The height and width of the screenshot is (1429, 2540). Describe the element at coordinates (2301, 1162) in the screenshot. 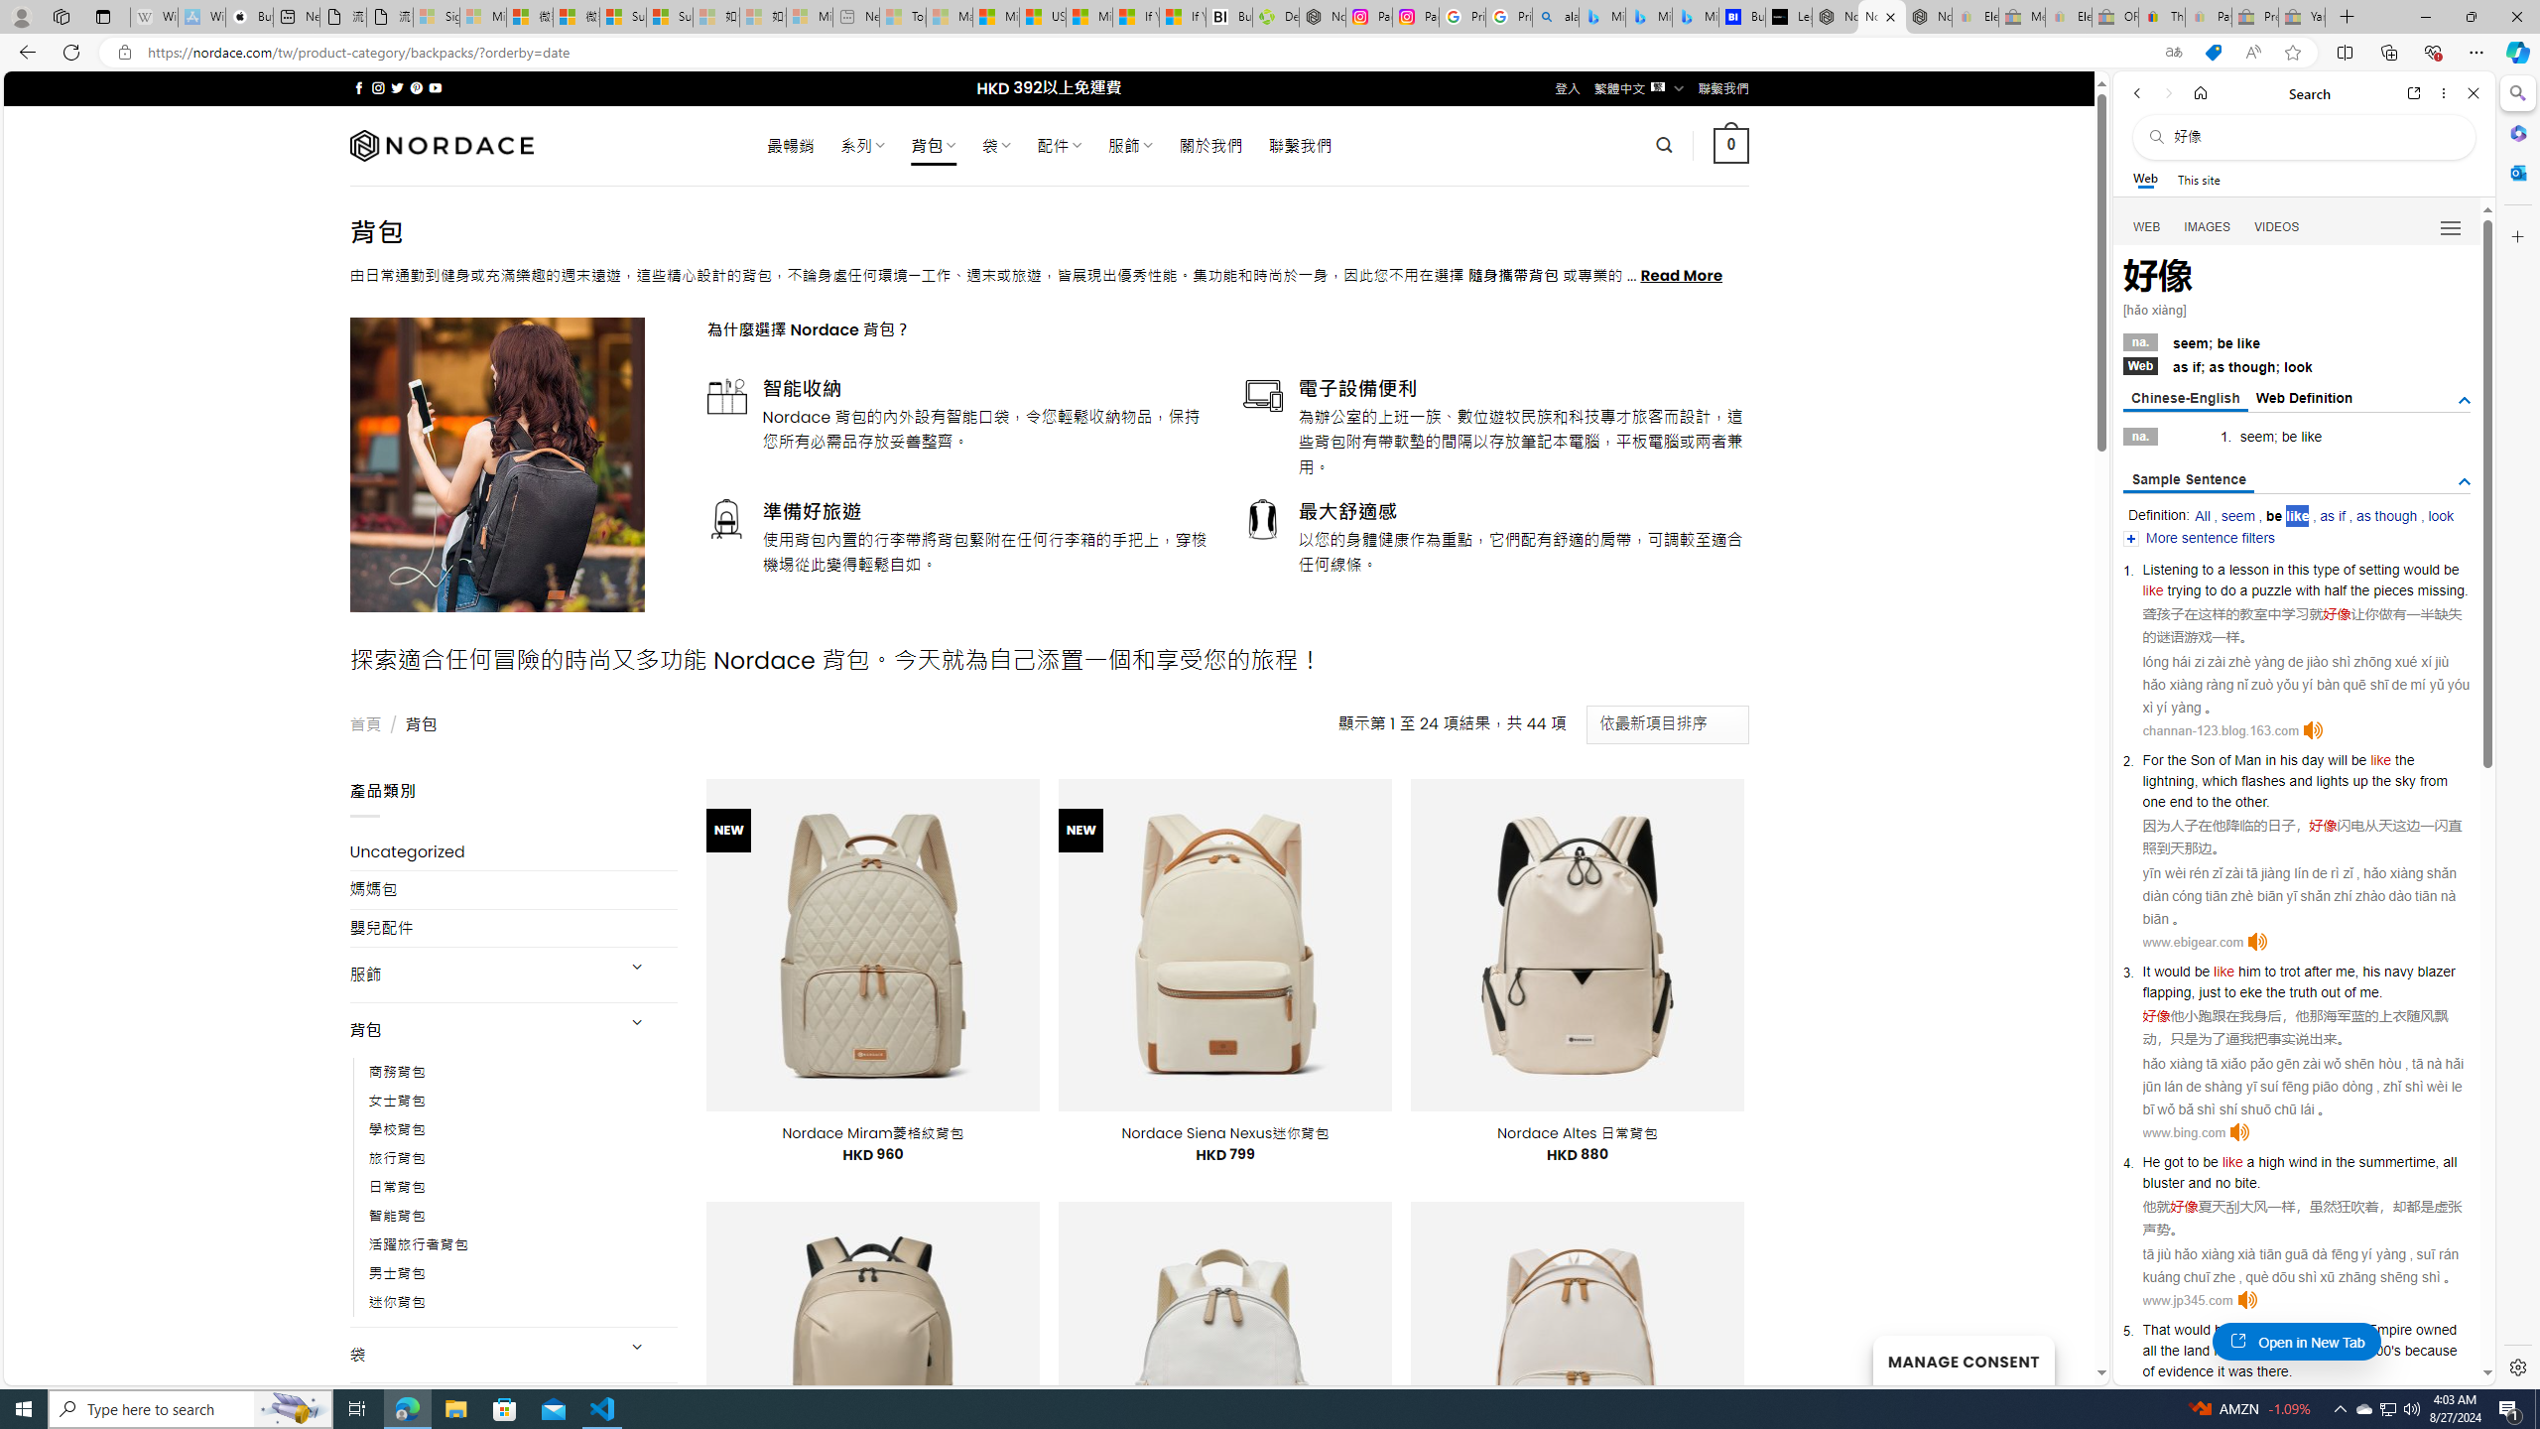

I see `'wind'` at that location.